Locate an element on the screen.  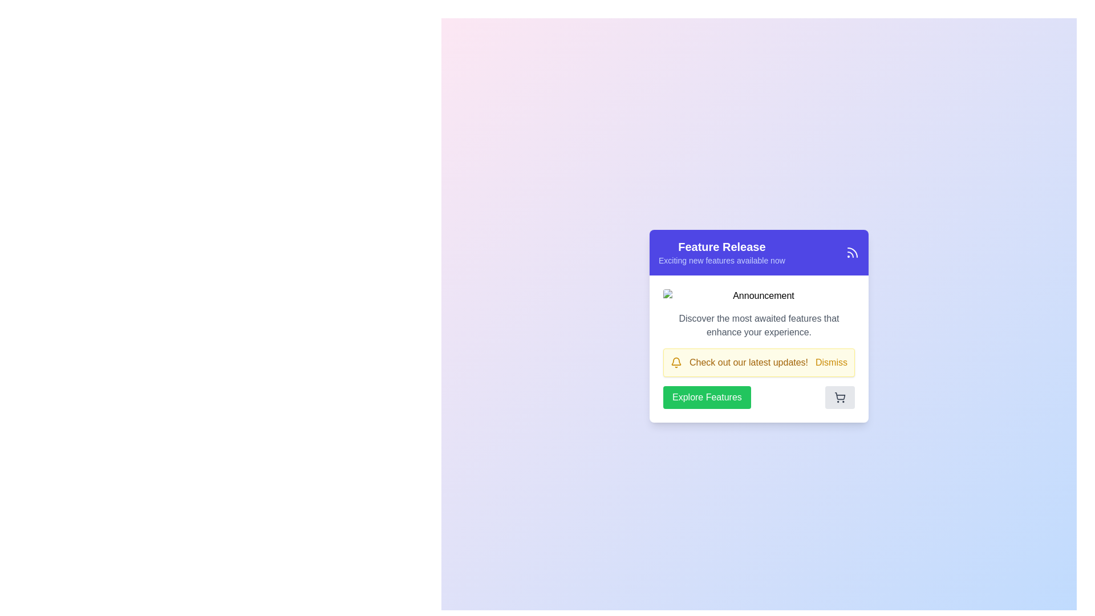
the shopping cart icon located in the lower-right corner of the rounded rectangular button, which is situated underneath the main content and to the right of the green 'Explore Features' button is located at coordinates (840, 397).